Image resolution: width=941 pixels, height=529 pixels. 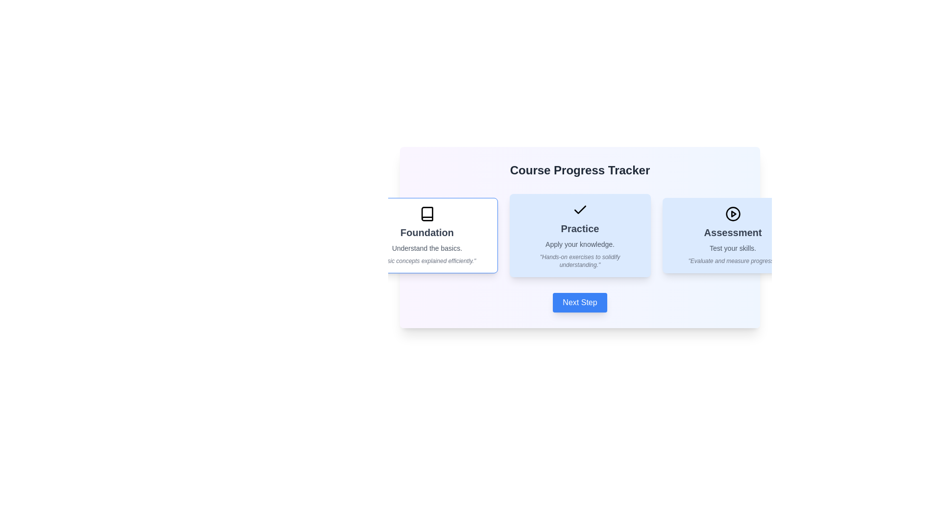 I want to click on the bold header of the 'Practice' Content Panel, which is the middle panel under the 'Course Progress Tracker' header, so click(x=580, y=238).